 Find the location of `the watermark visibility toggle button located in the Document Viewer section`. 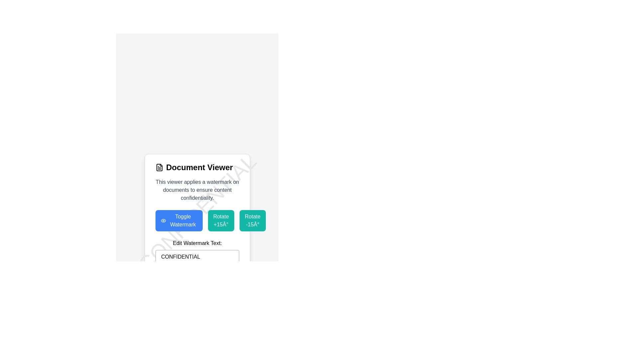

the watermark visibility toggle button located in the Document Viewer section is located at coordinates (197, 220).